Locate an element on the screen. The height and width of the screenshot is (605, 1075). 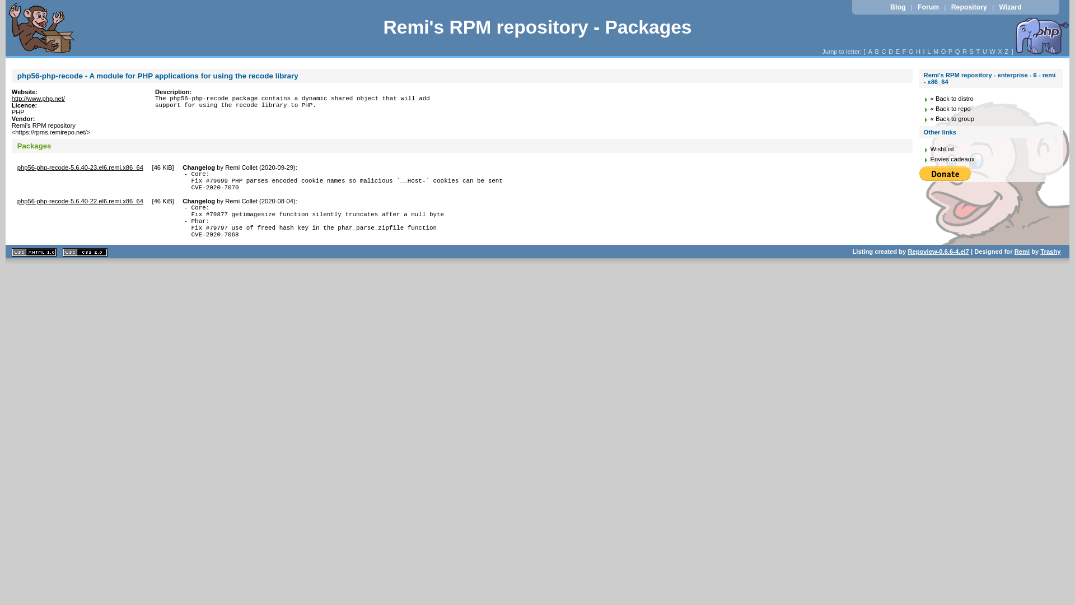
'Repoview-0.6.6-4.el7' is located at coordinates (938, 251).